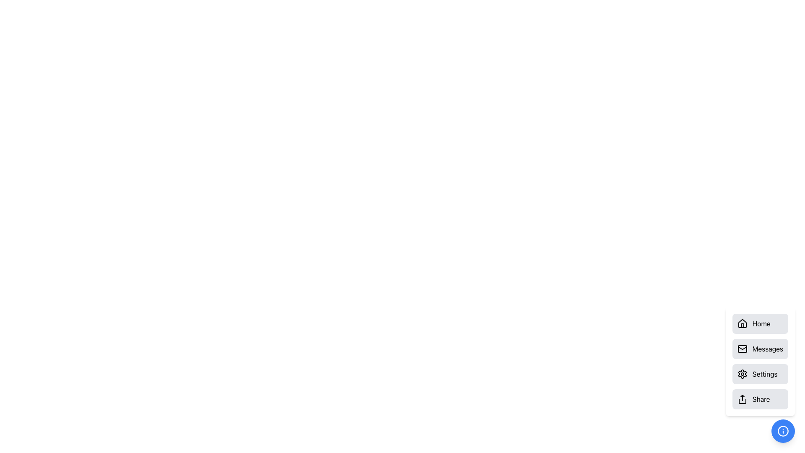  Describe the element at coordinates (782, 431) in the screenshot. I see `the circular blue button with a white information icon located at the bottom right corner of the interface` at that location.